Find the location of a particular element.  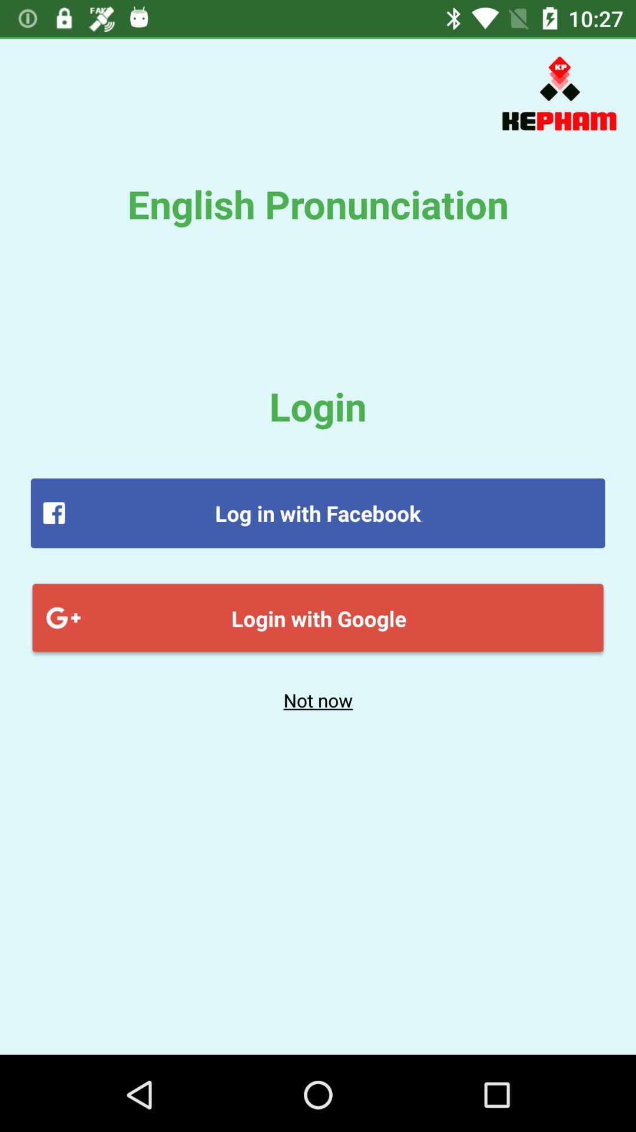

the not now is located at coordinates (318, 700).